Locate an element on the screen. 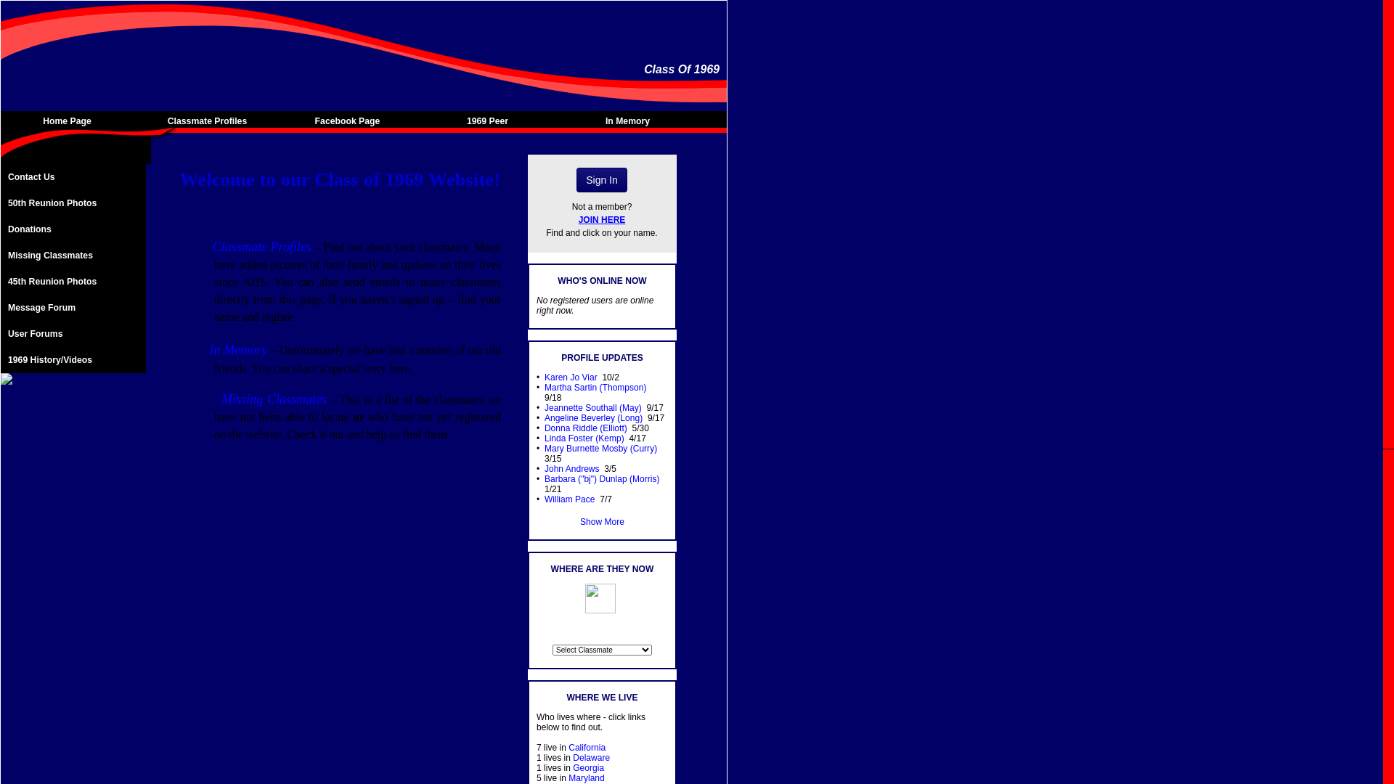  'California' is located at coordinates (567, 747).